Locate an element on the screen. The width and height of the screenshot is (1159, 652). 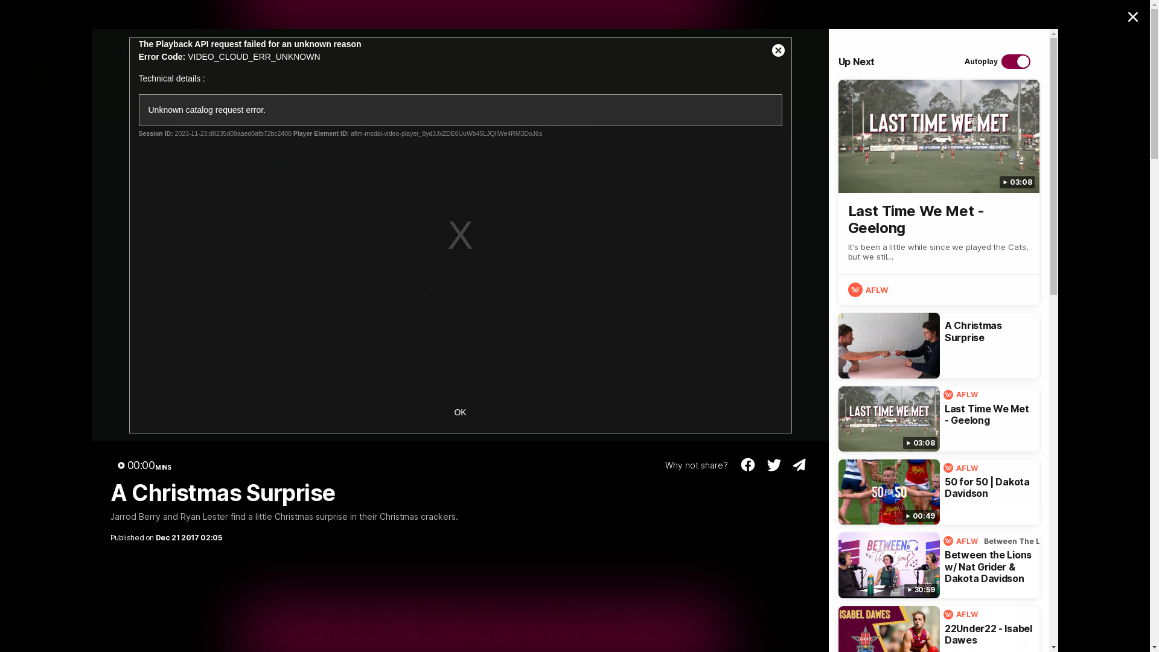
'OK' is located at coordinates (459, 412).